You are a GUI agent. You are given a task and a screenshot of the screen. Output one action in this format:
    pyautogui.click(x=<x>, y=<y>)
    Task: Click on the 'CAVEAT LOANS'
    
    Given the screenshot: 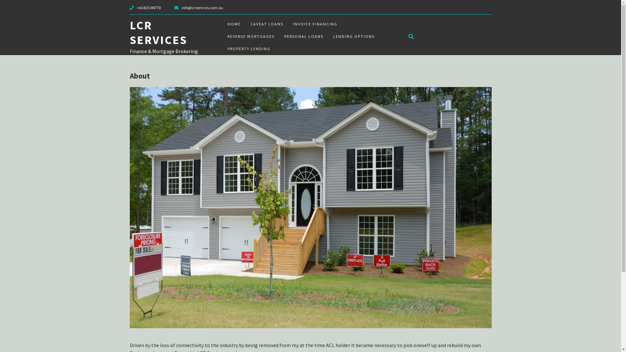 What is the action you would take?
    pyautogui.click(x=266, y=23)
    